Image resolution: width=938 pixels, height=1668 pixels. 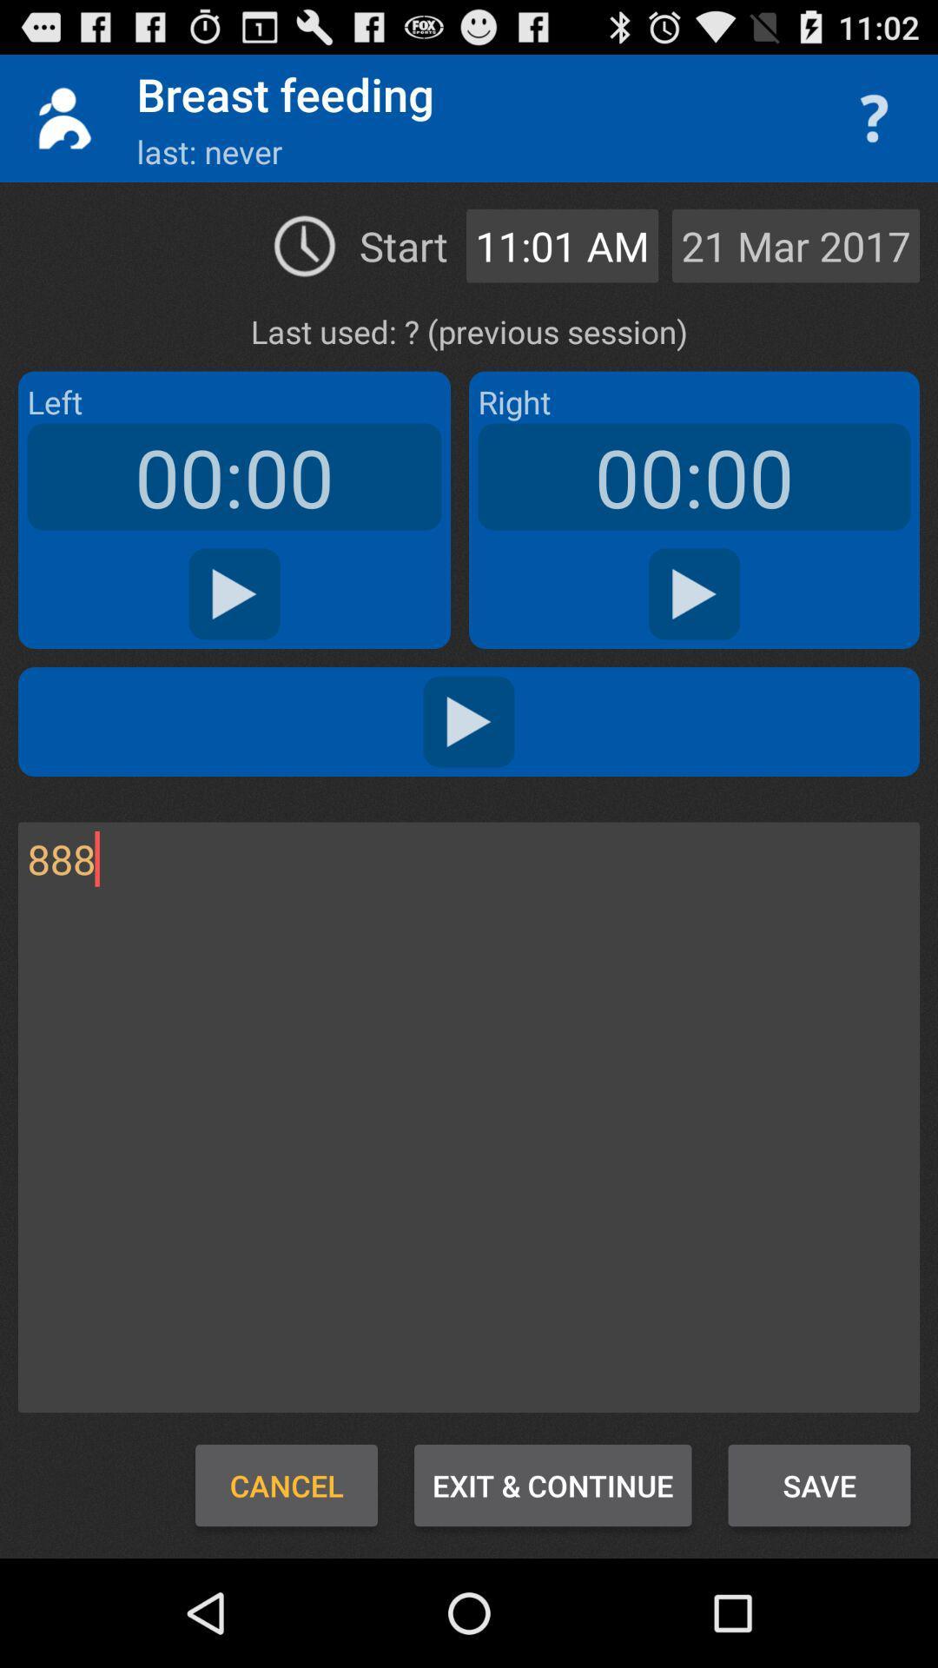 What do you see at coordinates (234, 635) in the screenshot?
I see `the play icon` at bounding box center [234, 635].